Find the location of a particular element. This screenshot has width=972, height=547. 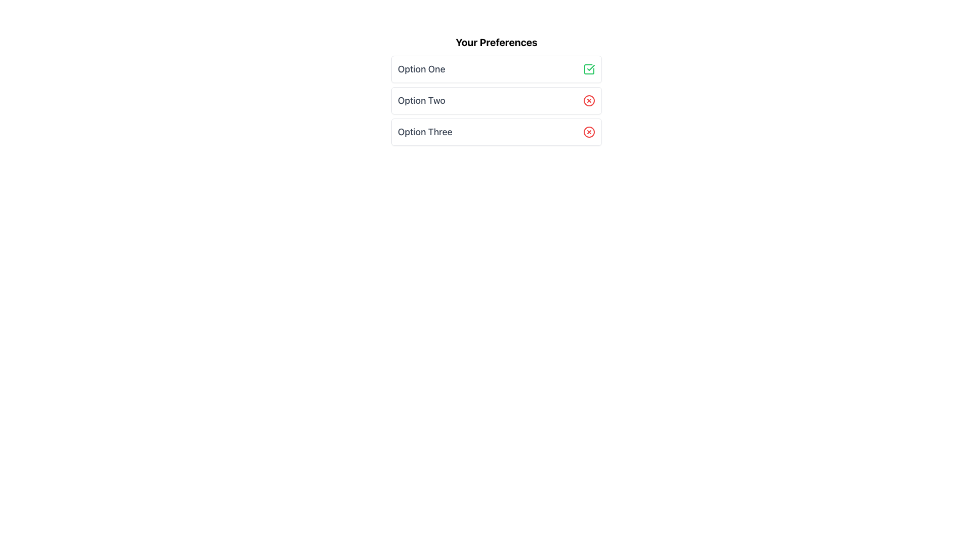

the text label indicating 'Option Three' in the vertically stacked list of selectable preferences is located at coordinates (425, 131).